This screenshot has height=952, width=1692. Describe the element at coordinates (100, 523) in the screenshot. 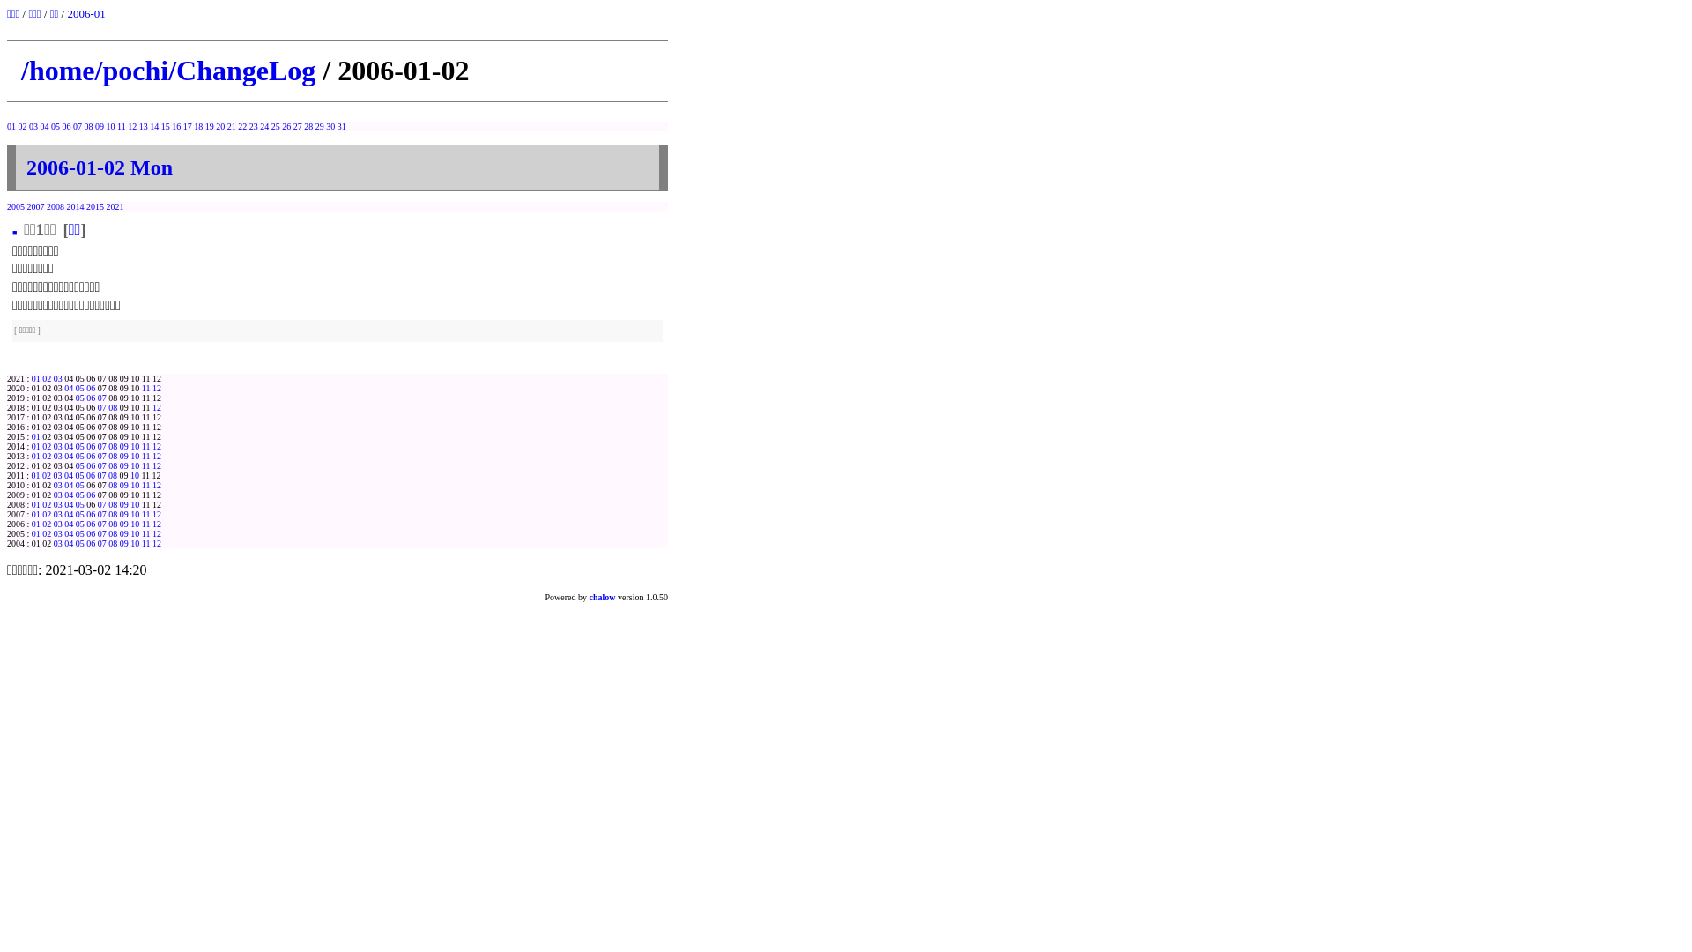

I see `'07'` at that location.